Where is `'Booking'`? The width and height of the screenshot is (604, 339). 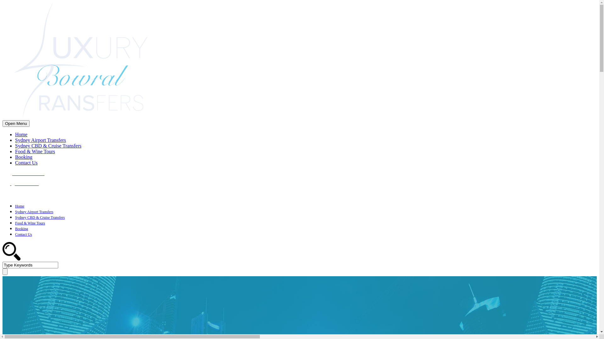 'Booking' is located at coordinates (21, 229).